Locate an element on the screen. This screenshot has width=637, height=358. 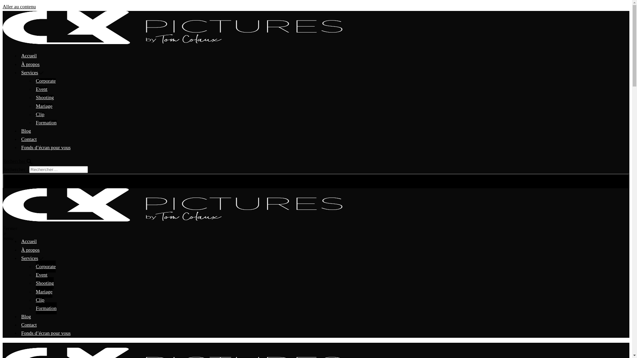
'Rechercher' is located at coordinates (21, 161).